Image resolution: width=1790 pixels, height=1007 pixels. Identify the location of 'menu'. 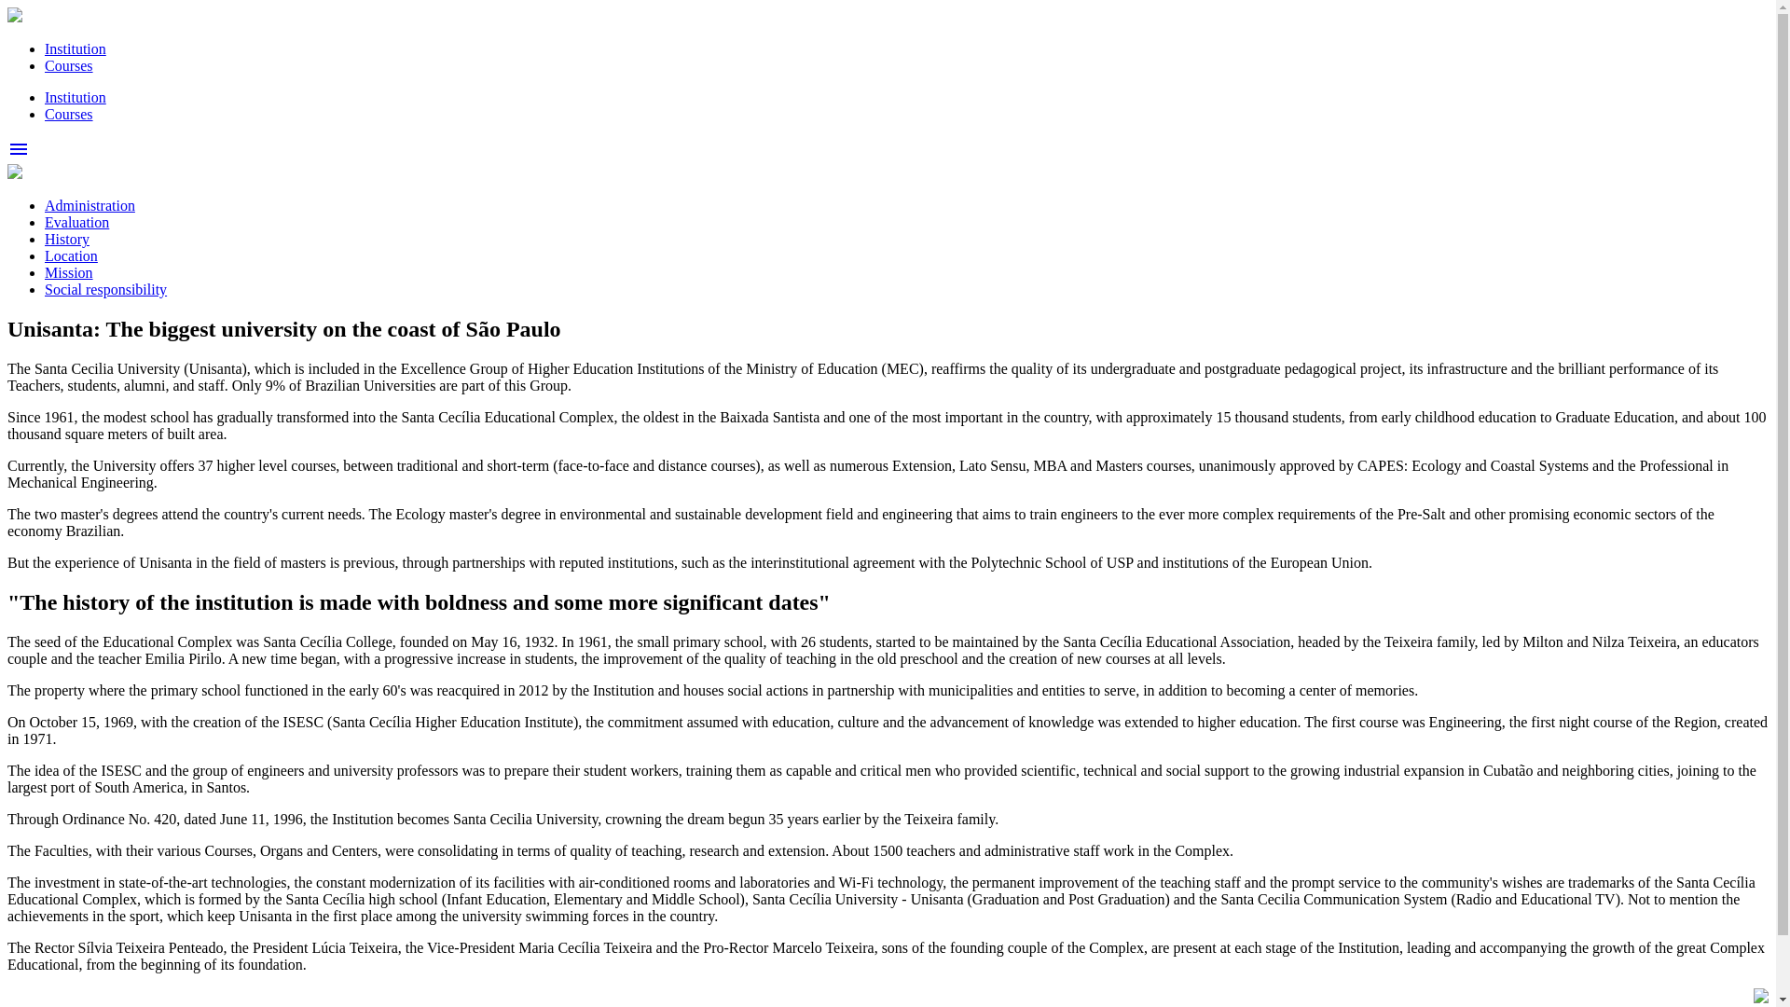
(7, 154).